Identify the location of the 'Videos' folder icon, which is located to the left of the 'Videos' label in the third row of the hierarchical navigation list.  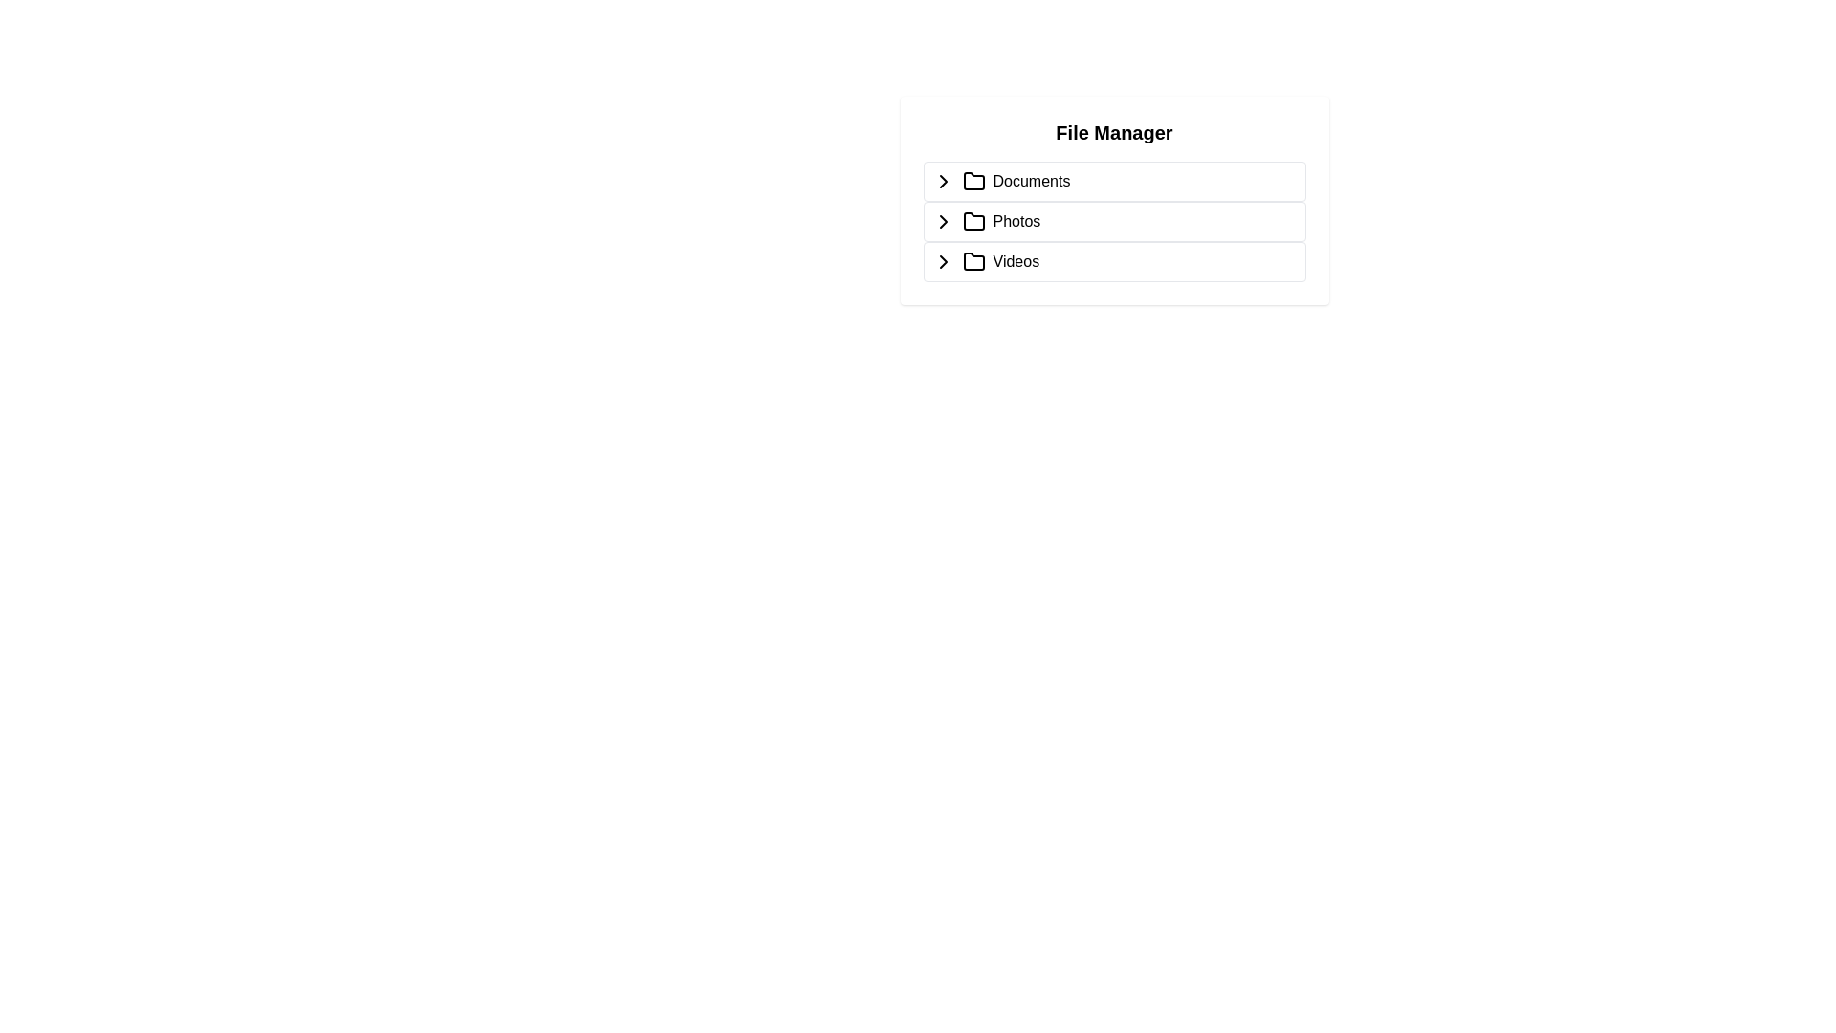
(973, 261).